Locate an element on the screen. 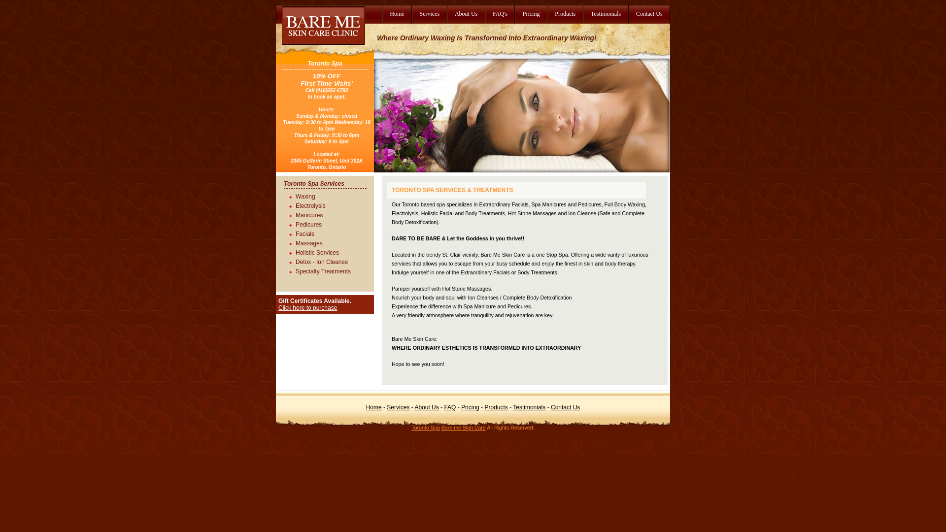 The height and width of the screenshot is (532, 946). 'Pedicures' is located at coordinates (295, 223).